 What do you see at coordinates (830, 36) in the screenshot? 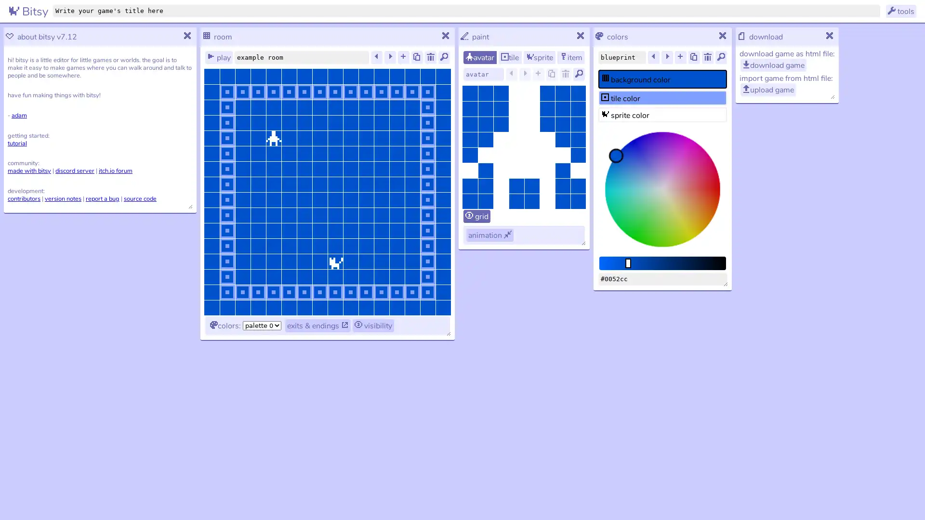
I see `minimize download window` at bounding box center [830, 36].